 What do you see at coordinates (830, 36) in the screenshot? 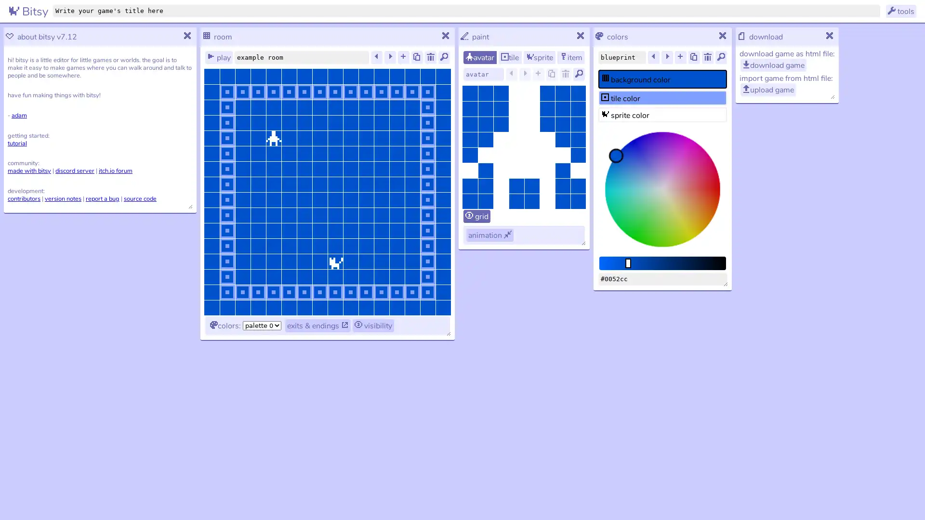
I see `minimize download window` at bounding box center [830, 36].